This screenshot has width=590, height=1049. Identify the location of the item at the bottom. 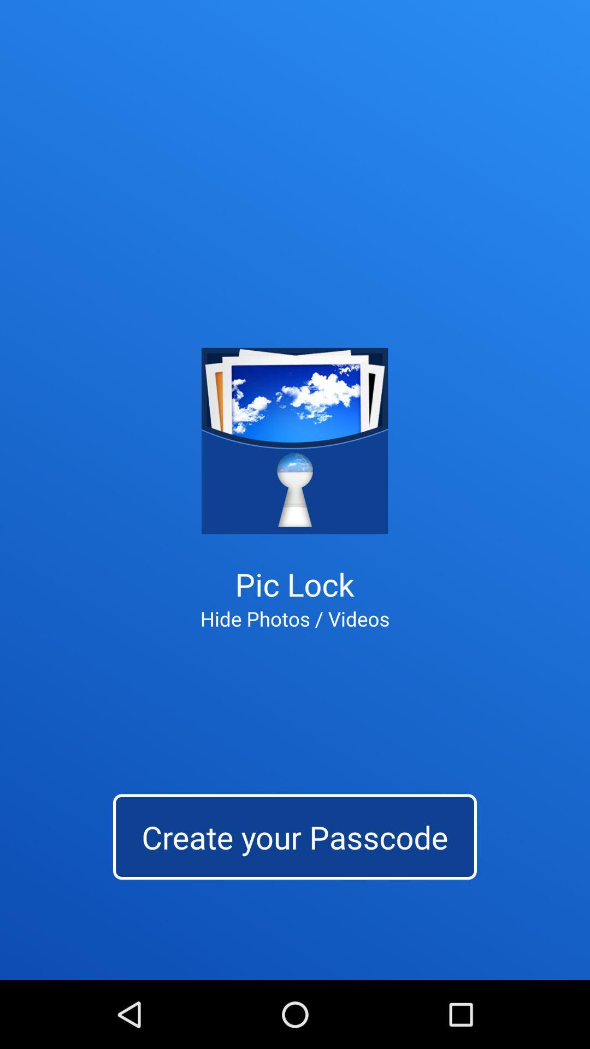
(295, 836).